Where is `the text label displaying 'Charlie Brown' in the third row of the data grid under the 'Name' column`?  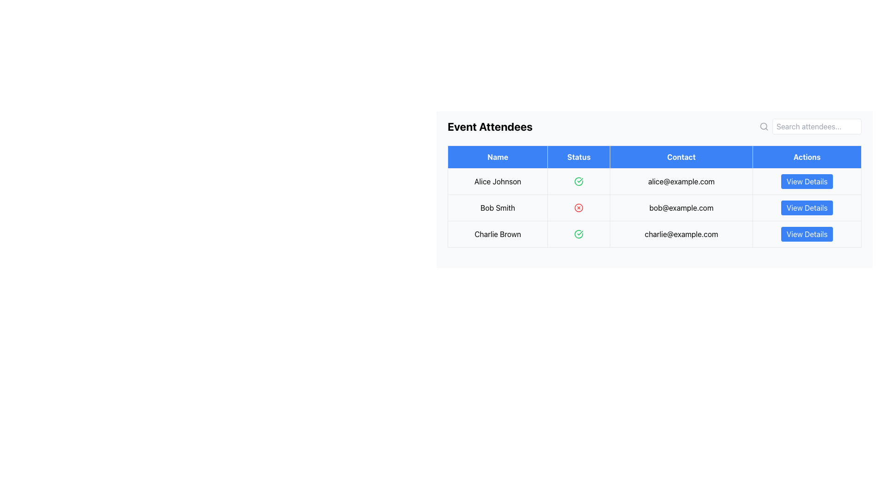 the text label displaying 'Charlie Brown' in the third row of the data grid under the 'Name' column is located at coordinates (497, 233).